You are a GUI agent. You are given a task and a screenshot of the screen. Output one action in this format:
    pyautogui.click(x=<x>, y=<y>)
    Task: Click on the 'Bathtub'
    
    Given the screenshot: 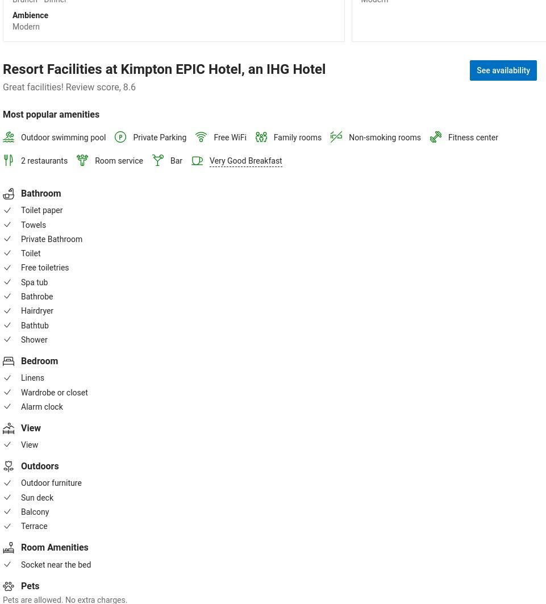 What is the action you would take?
    pyautogui.click(x=35, y=324)
    